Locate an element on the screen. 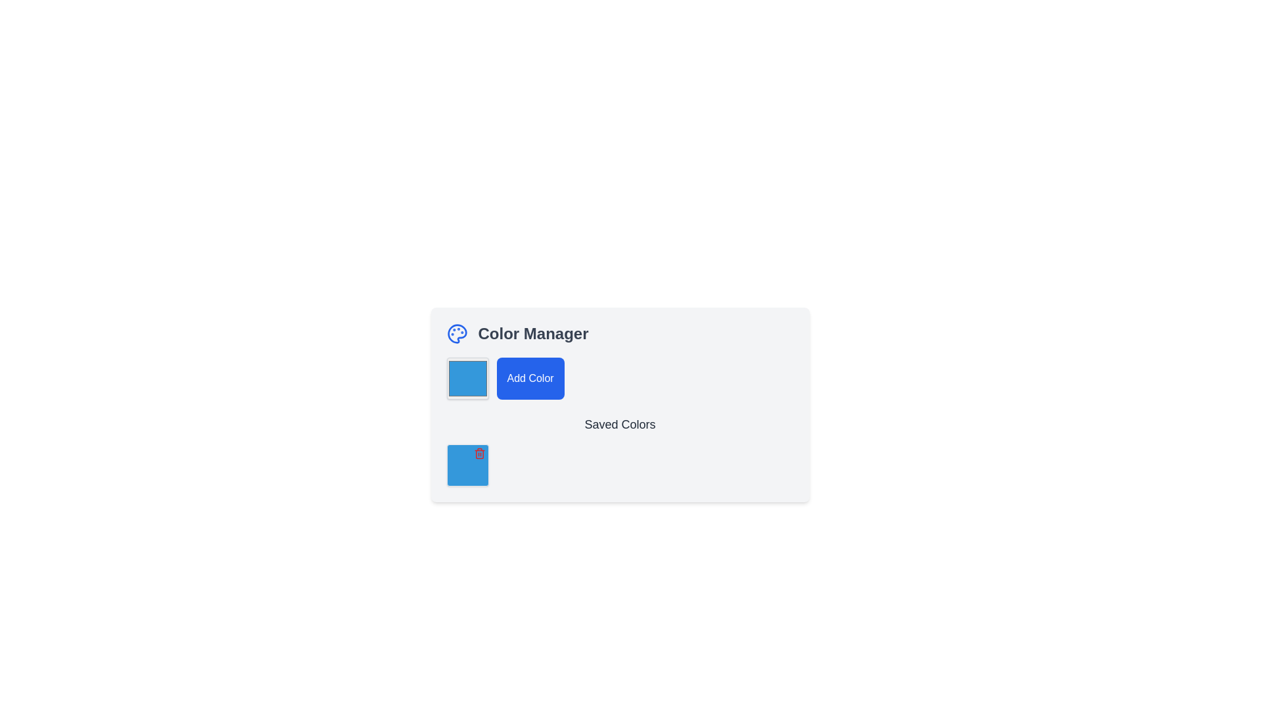 Image resolution: width=1262 pixels, height=710 pixels. the color palette icon located in the top-left corner of the 'Color Manager' group is located at coordinates (457, 333).